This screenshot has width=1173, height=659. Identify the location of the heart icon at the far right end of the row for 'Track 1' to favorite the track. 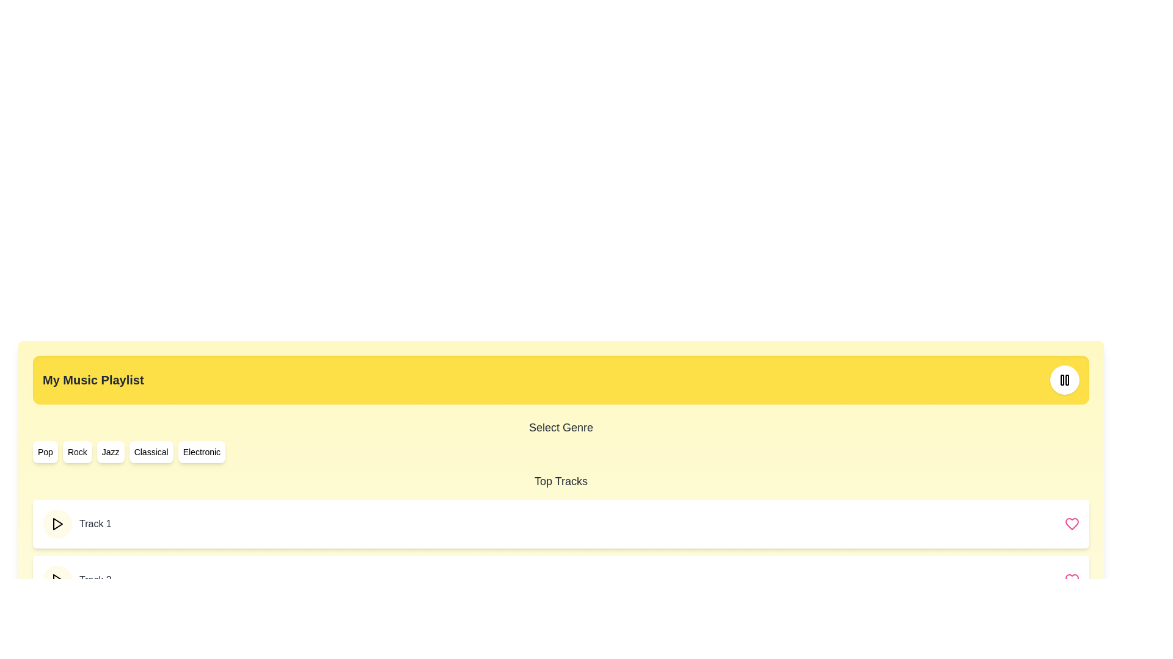
(1072, 524).